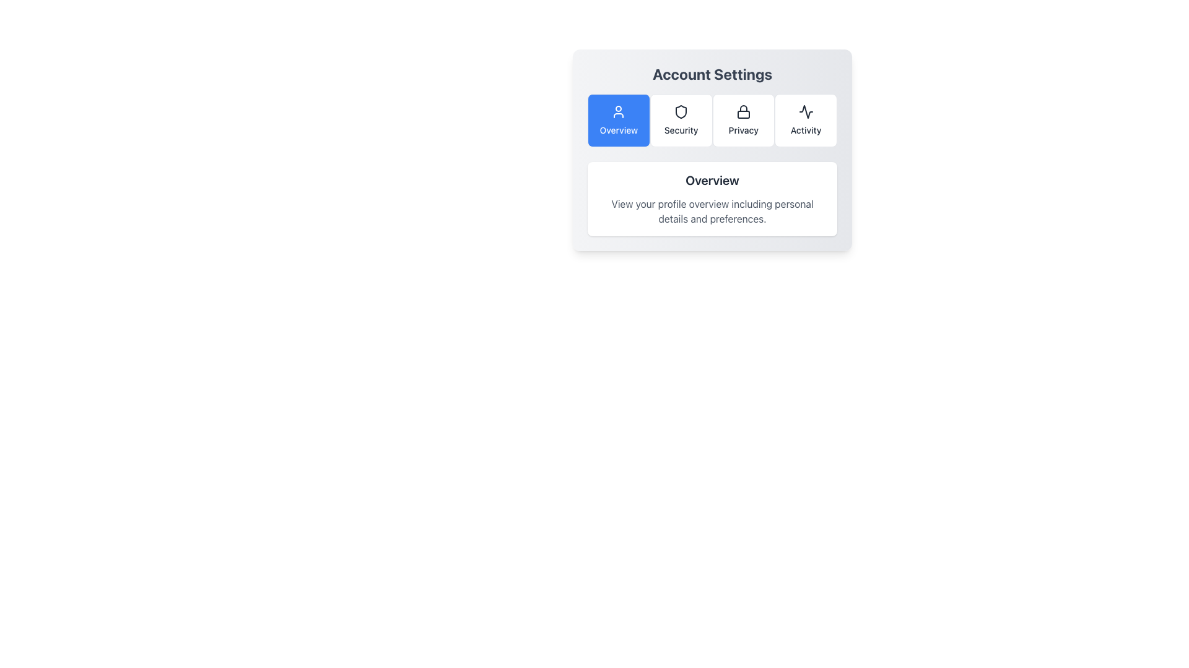 The width and height of the screenshot is (1189, 668). Describe the element at coordinates (712, 181) in the screenshot. I see `text label displaying 'Overview' which is styled in bold, dark gray and serves as the heading for the user profile information section` at that location.